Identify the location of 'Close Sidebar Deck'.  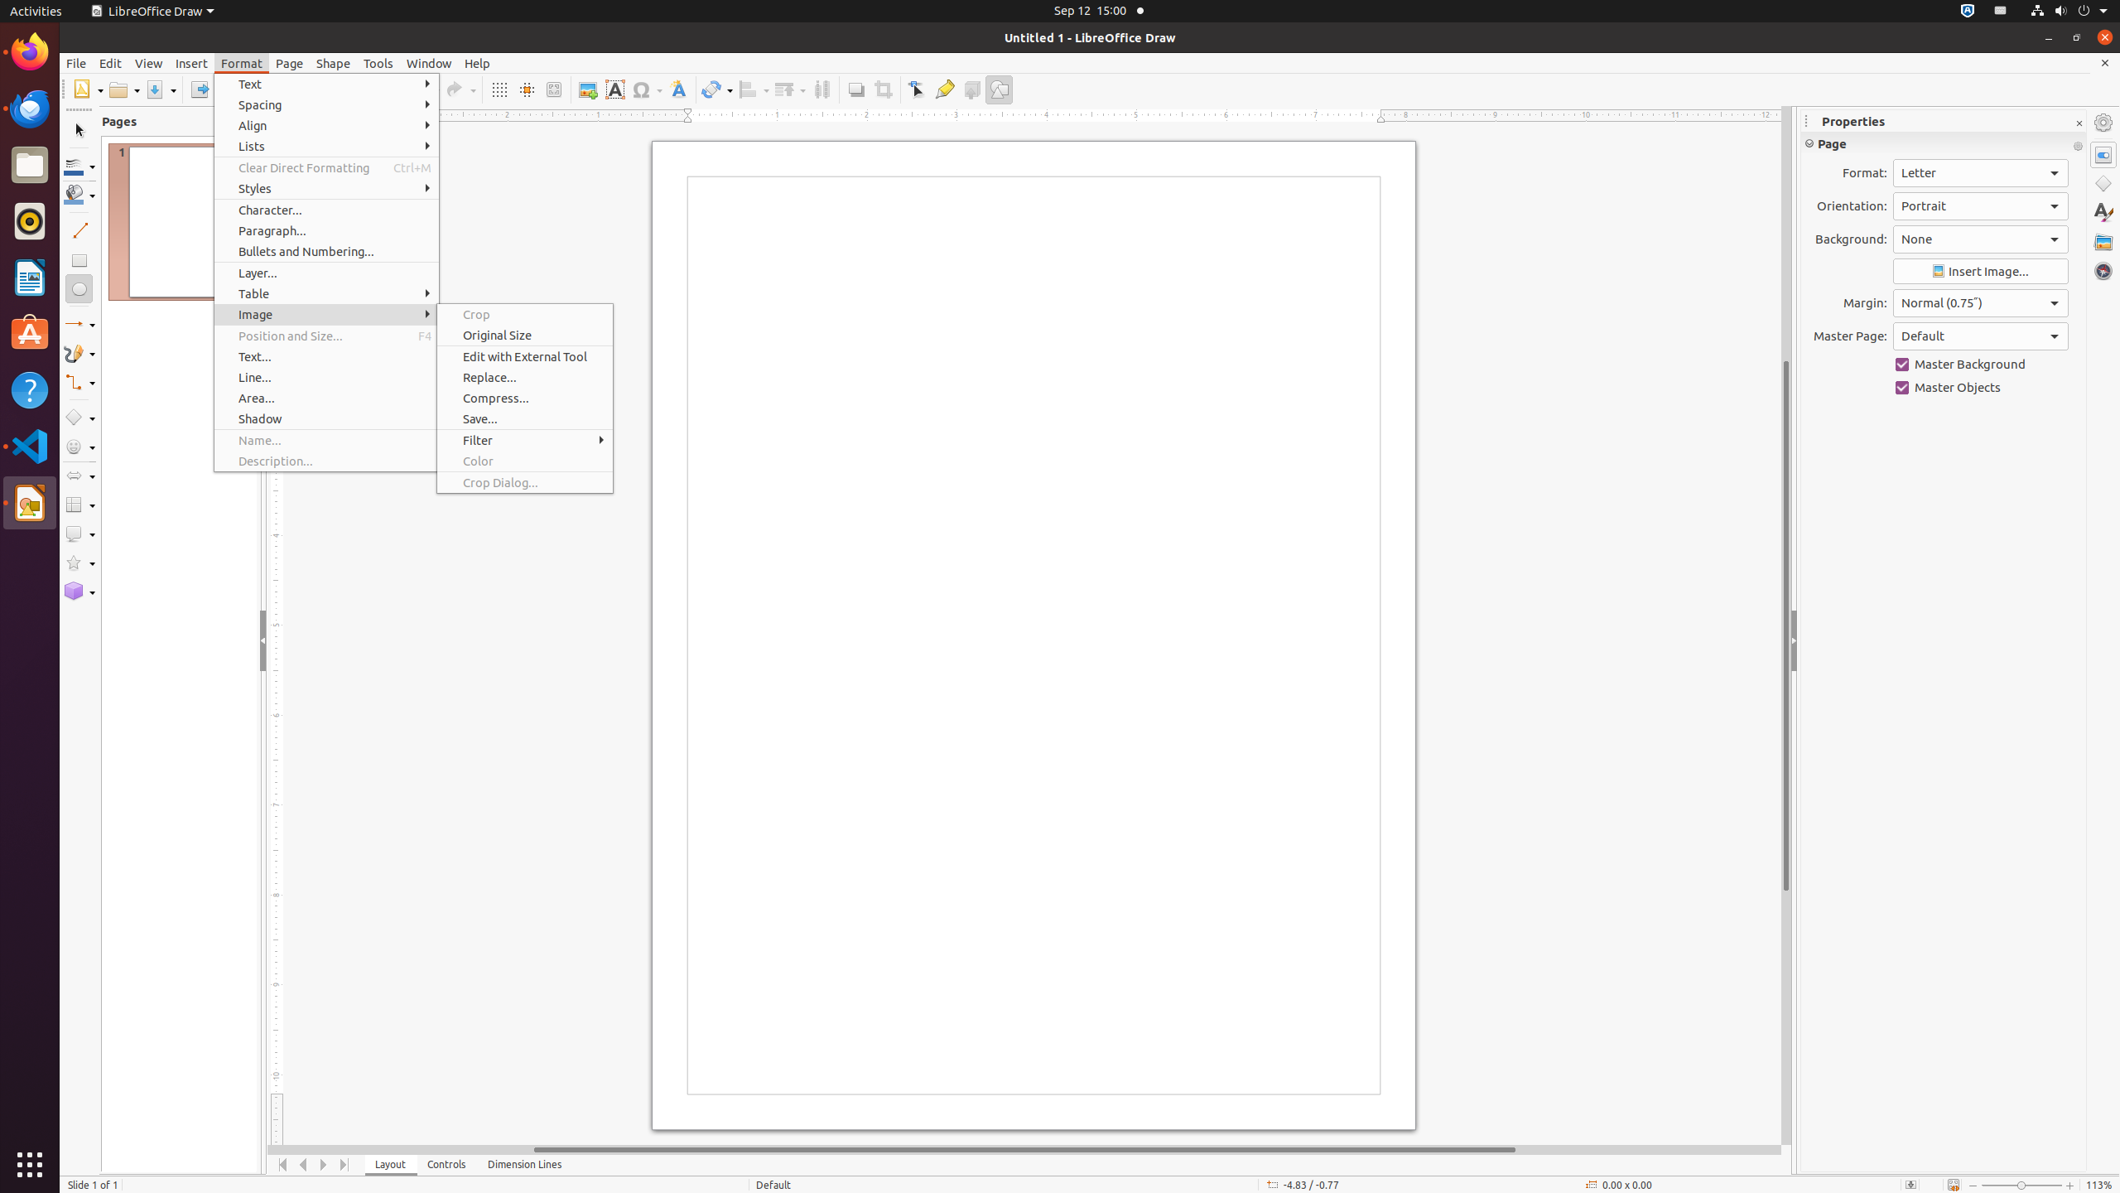
(2079, 123).